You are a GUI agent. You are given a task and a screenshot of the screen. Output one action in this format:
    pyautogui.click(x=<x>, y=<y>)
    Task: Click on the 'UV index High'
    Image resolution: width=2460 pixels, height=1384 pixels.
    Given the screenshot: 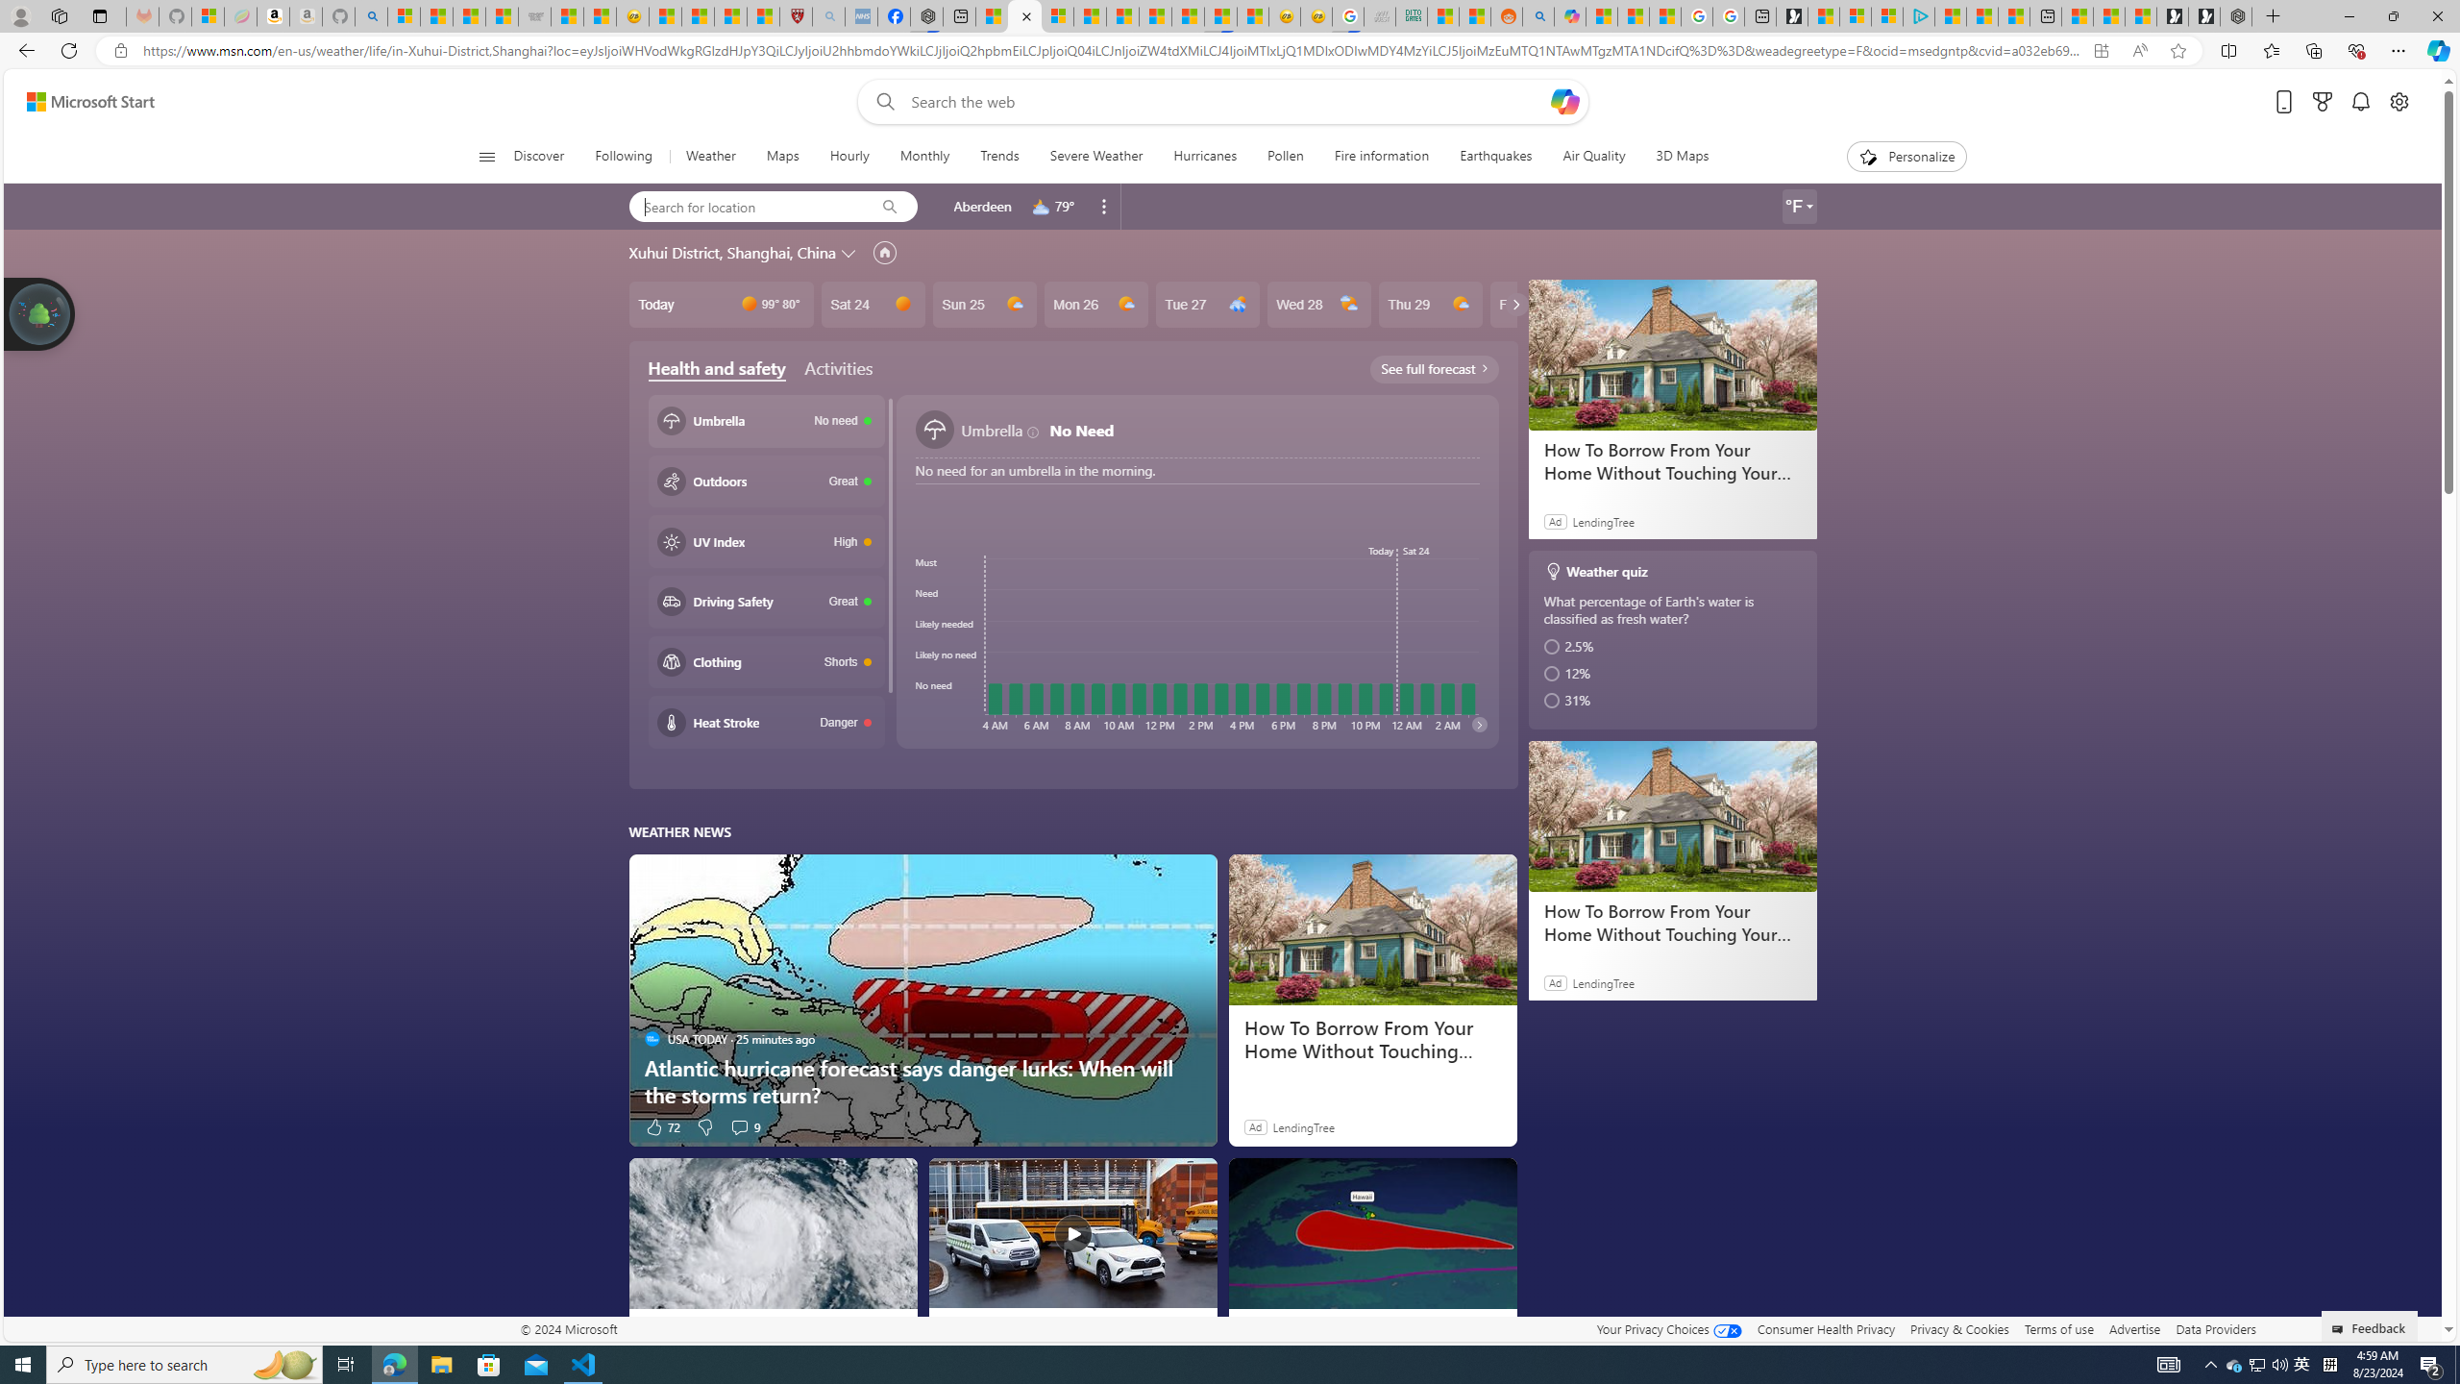 What is the action you would take?
    pyautogui.click(x=765, y=540)
    